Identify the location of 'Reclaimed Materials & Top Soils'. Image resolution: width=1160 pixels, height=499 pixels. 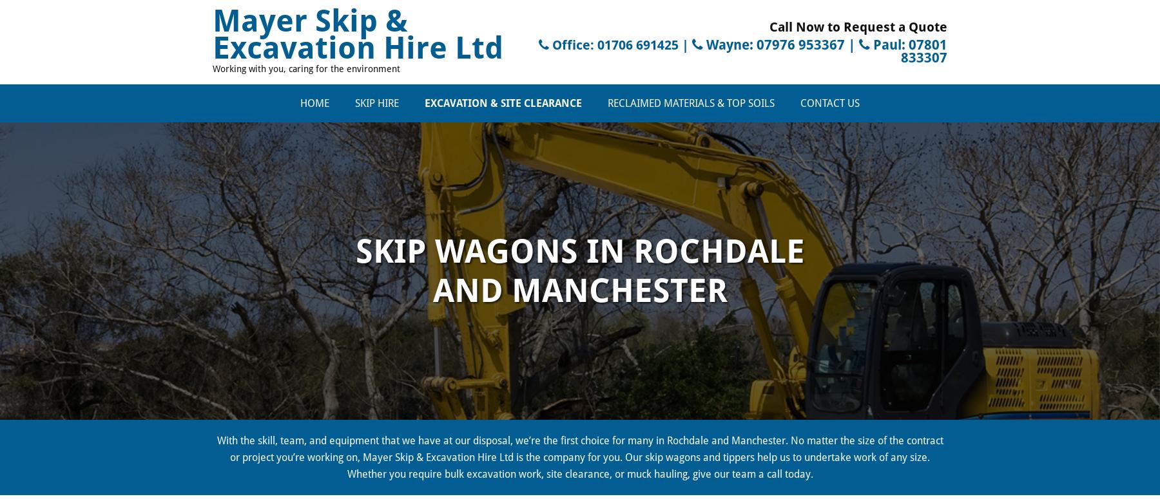
(691, 102).